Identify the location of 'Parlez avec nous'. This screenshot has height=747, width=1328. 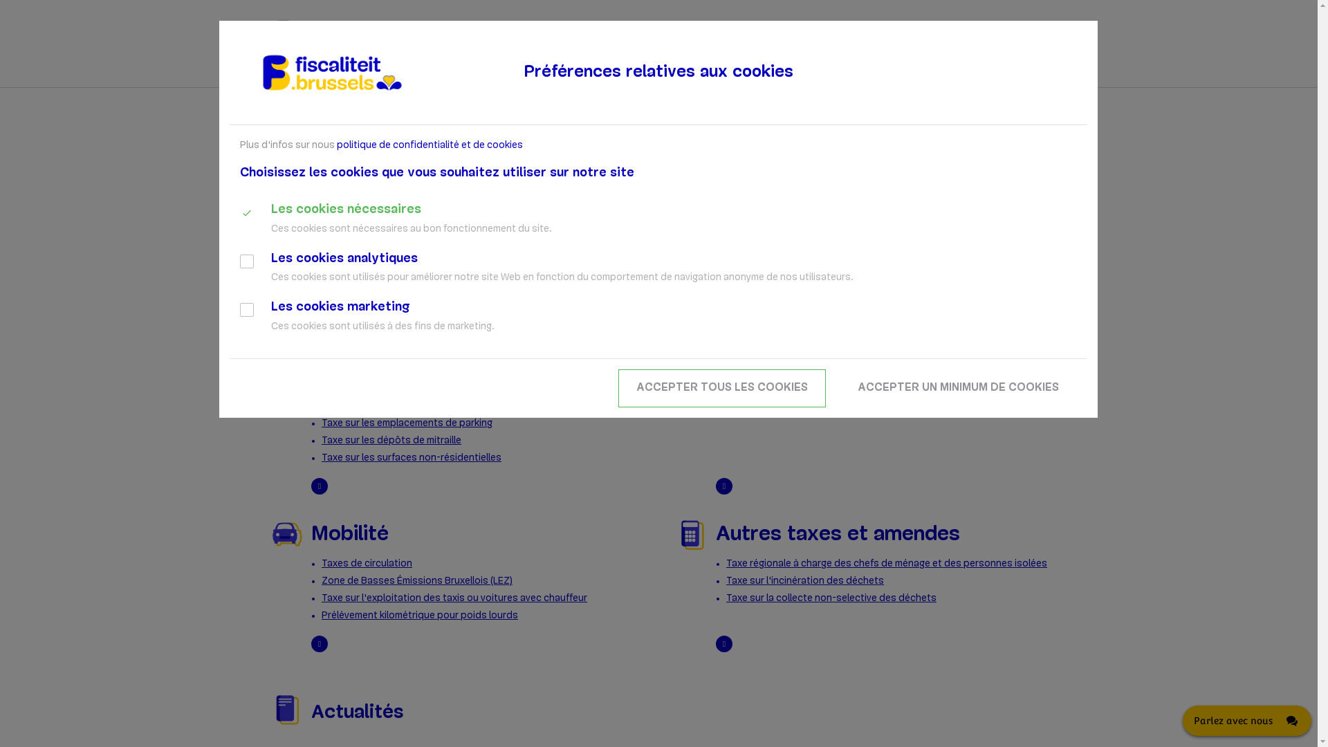
(1181, 719).